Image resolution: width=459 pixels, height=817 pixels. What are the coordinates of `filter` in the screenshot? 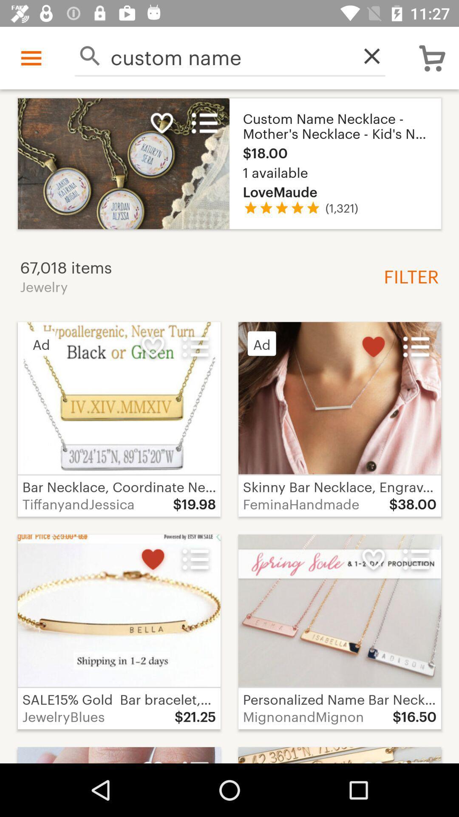 It's located at (408, 275).